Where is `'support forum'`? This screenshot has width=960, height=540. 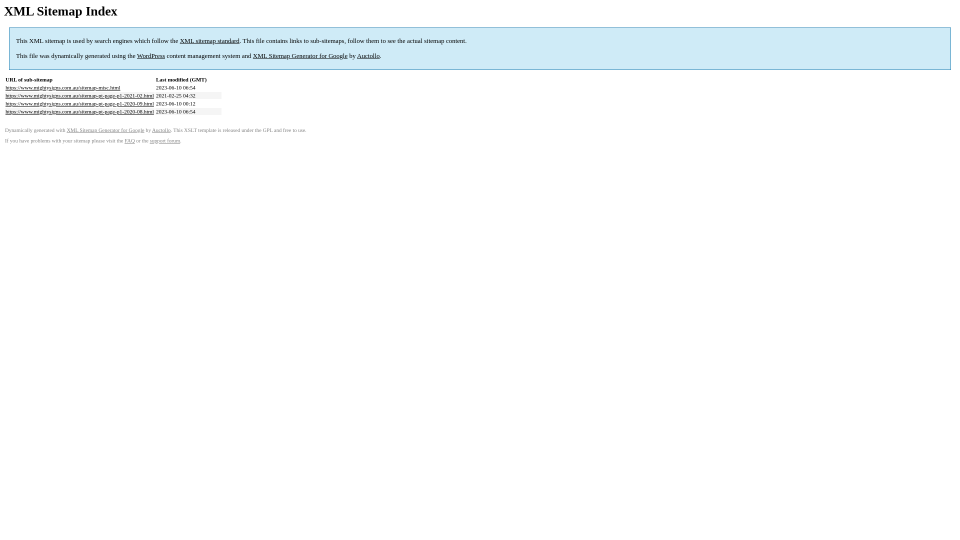 'support forum' is located at coordinates (165, 140).